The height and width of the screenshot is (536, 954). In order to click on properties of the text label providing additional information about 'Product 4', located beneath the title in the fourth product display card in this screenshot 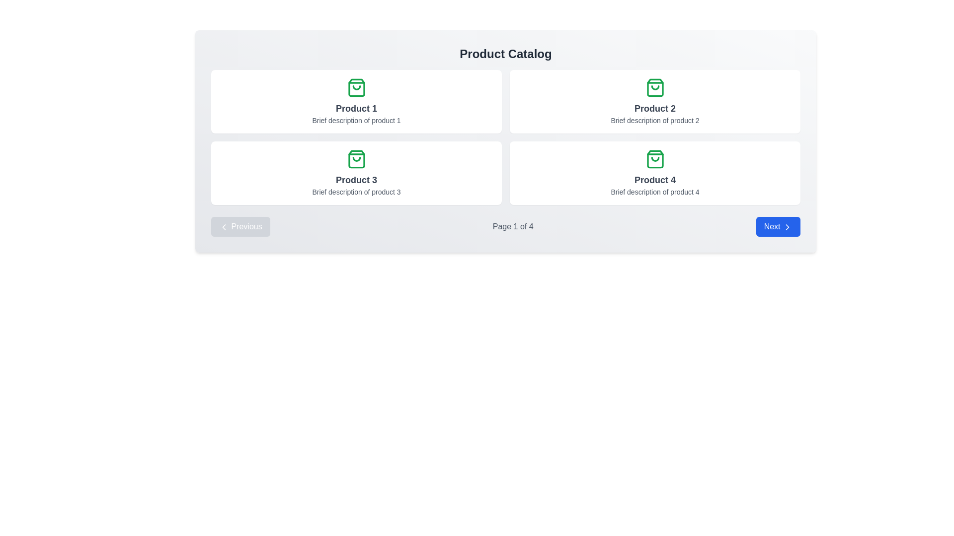, I will do `click(655, 192)`.